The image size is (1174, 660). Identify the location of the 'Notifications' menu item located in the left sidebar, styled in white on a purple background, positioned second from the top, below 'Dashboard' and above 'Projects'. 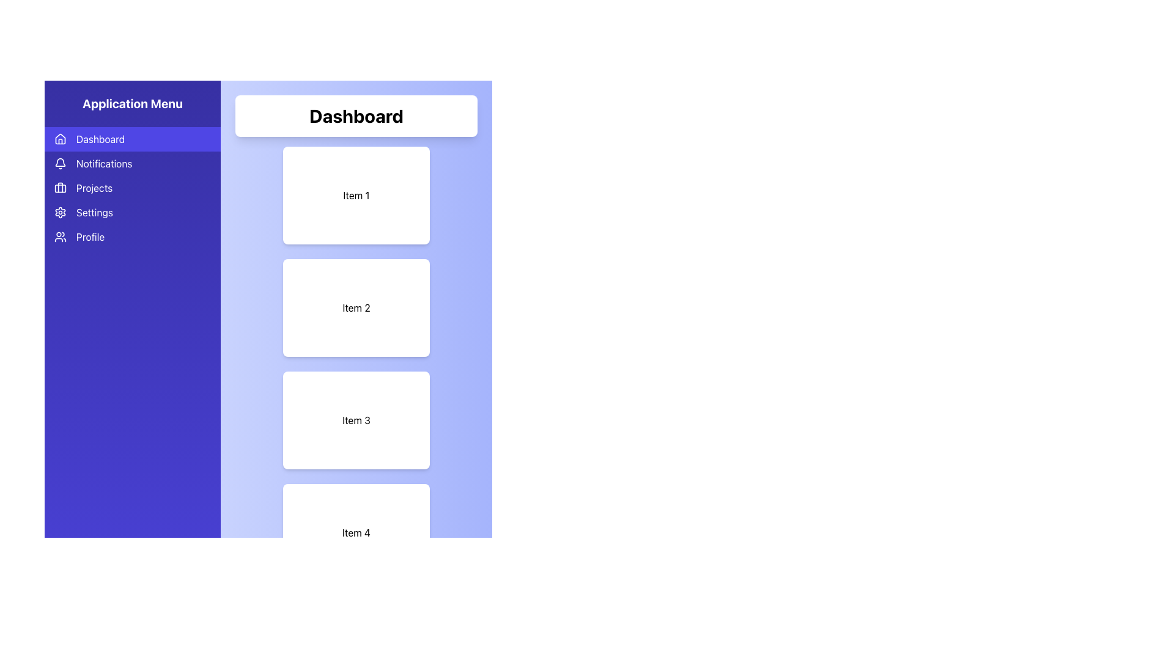
(104, 163).